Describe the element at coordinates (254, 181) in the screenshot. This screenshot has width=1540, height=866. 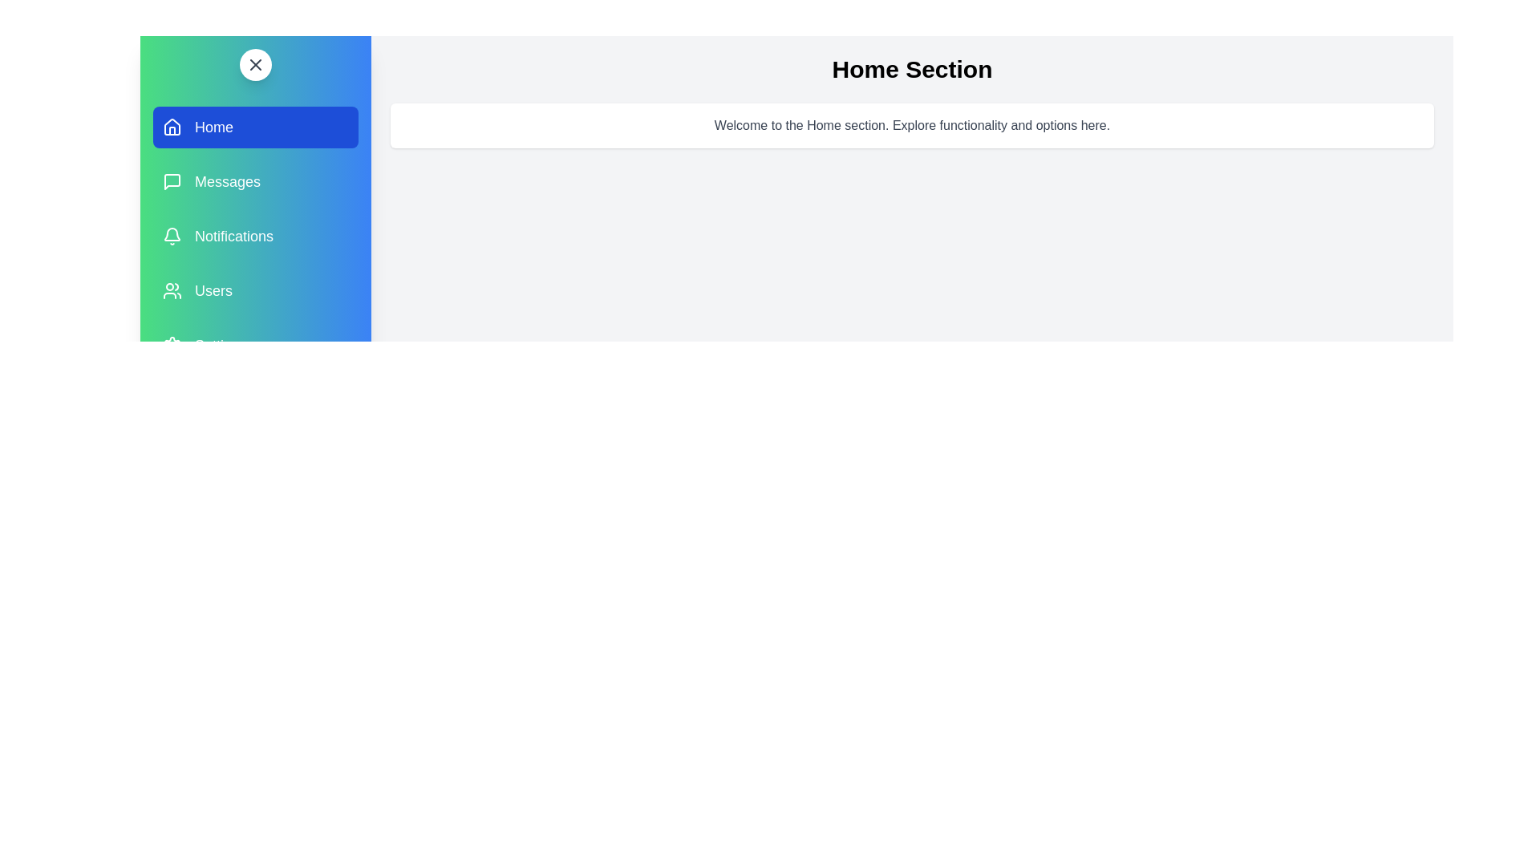
I see `the menu item Messages by clicking on it` at that location.